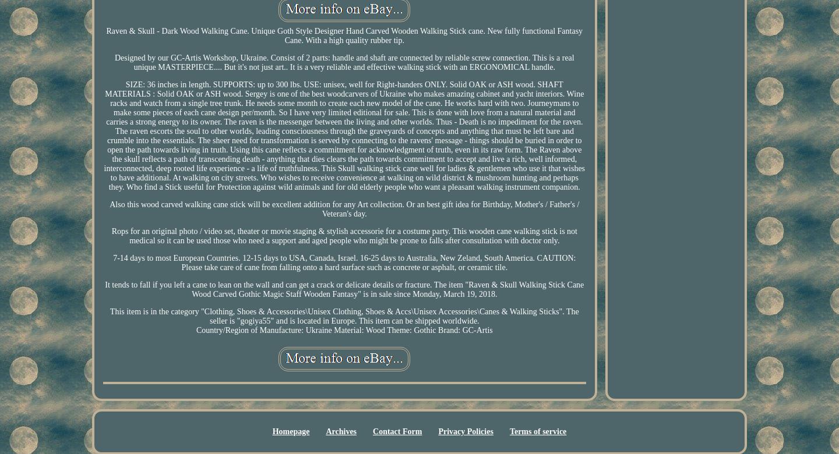 The image size is (839, 454). Describe the element at coordinates (263, 329) in the screenshot. I see `'Country/Region of Manufacture: Ukraine'` at that location.